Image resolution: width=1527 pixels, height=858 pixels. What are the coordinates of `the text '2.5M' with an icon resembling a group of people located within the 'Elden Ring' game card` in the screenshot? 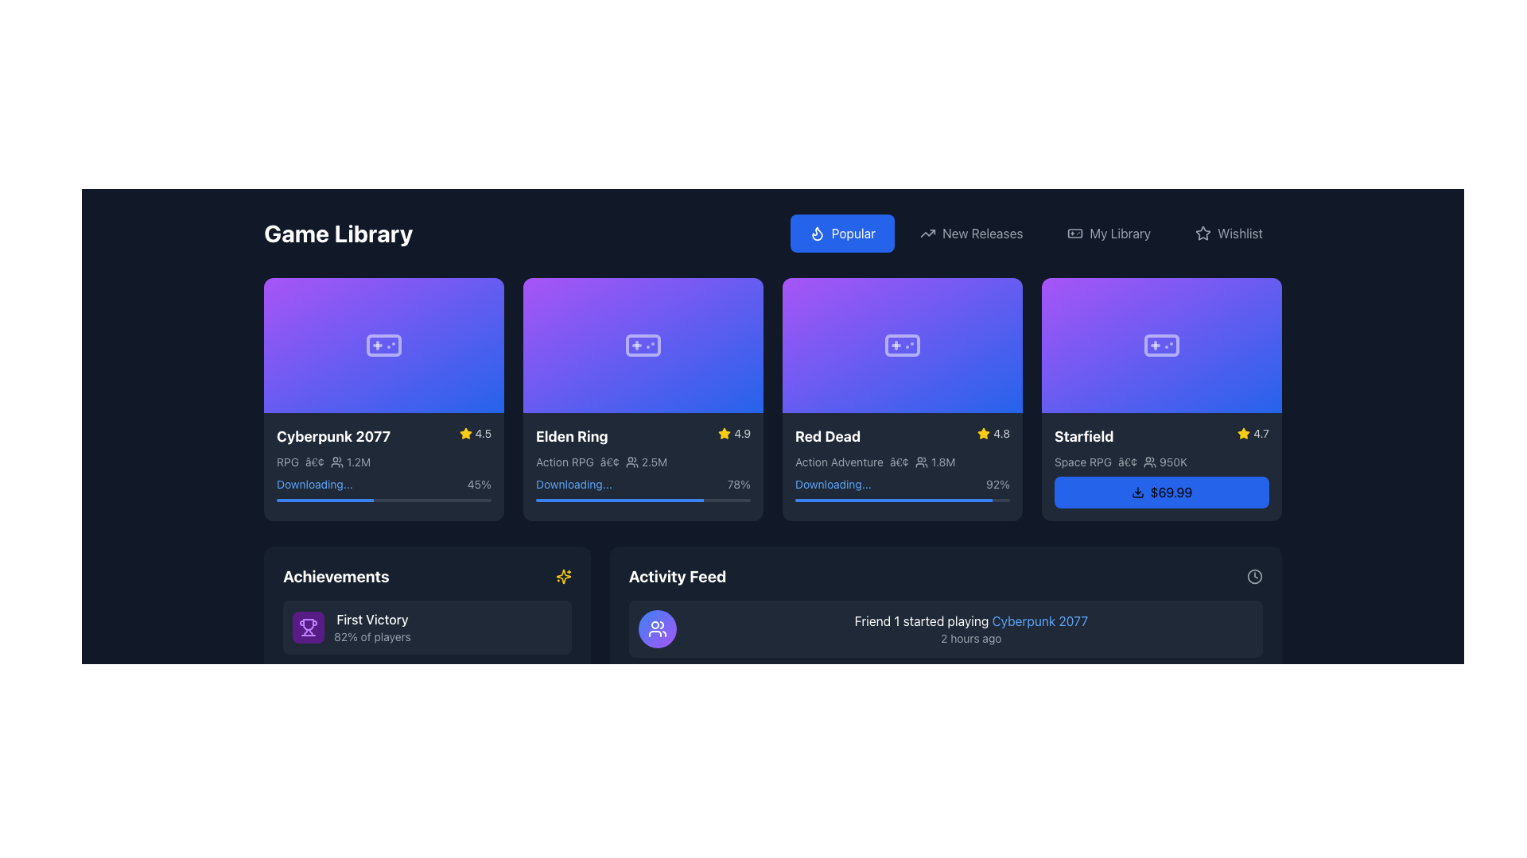 It's located at (647, 462).